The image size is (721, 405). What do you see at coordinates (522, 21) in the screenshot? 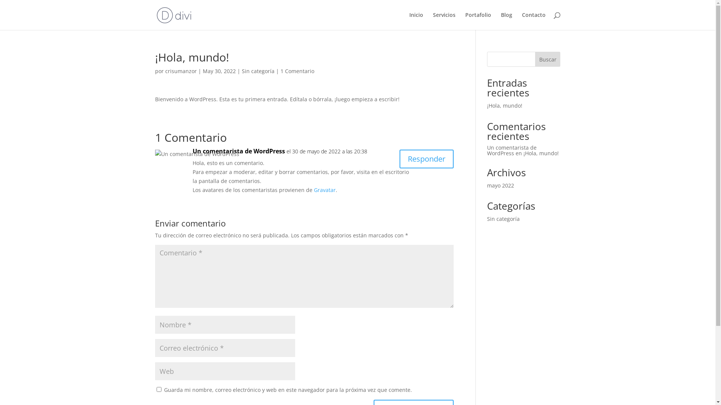
I see `'Contacto'` at bounding box center [522, 21].